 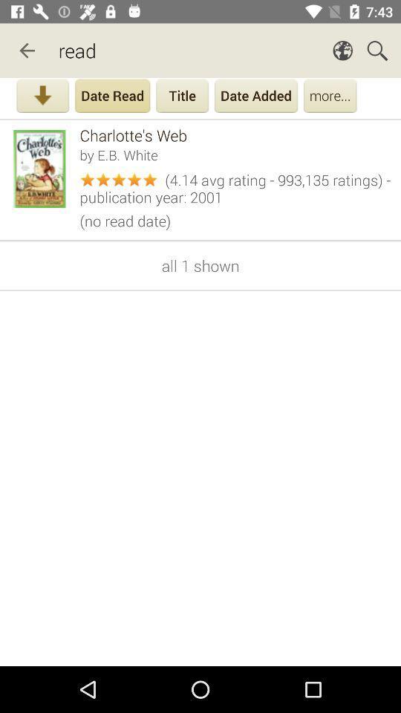 What do you see at coordinates (235, 186) in the screenshot?
I see `the 4 14 avg` at bounding box center [235, 186].